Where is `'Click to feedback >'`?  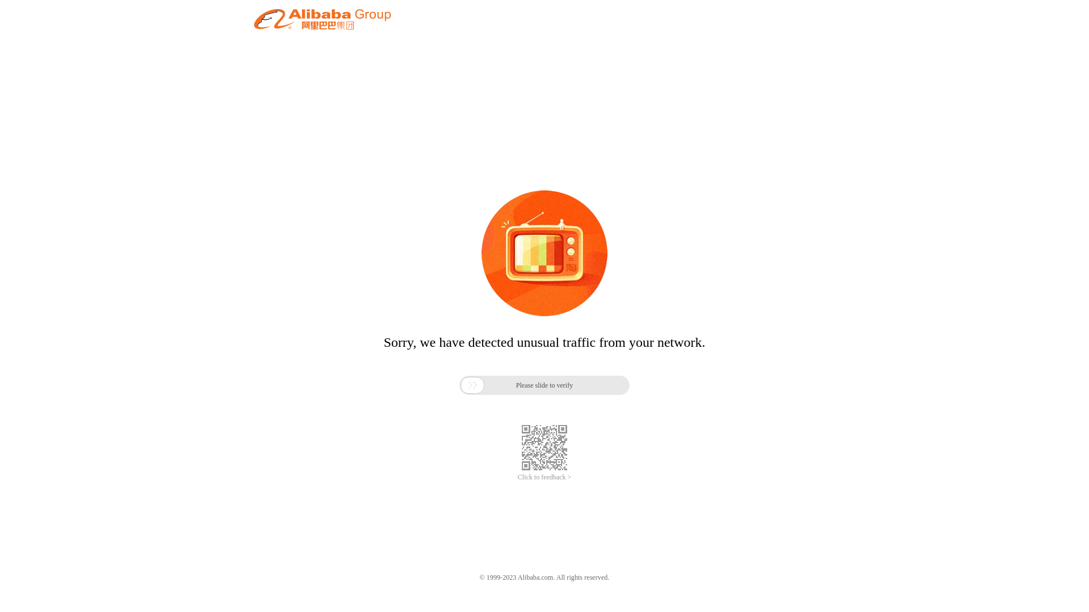
'Click to feedback >' is located at coordinates (544, 477).